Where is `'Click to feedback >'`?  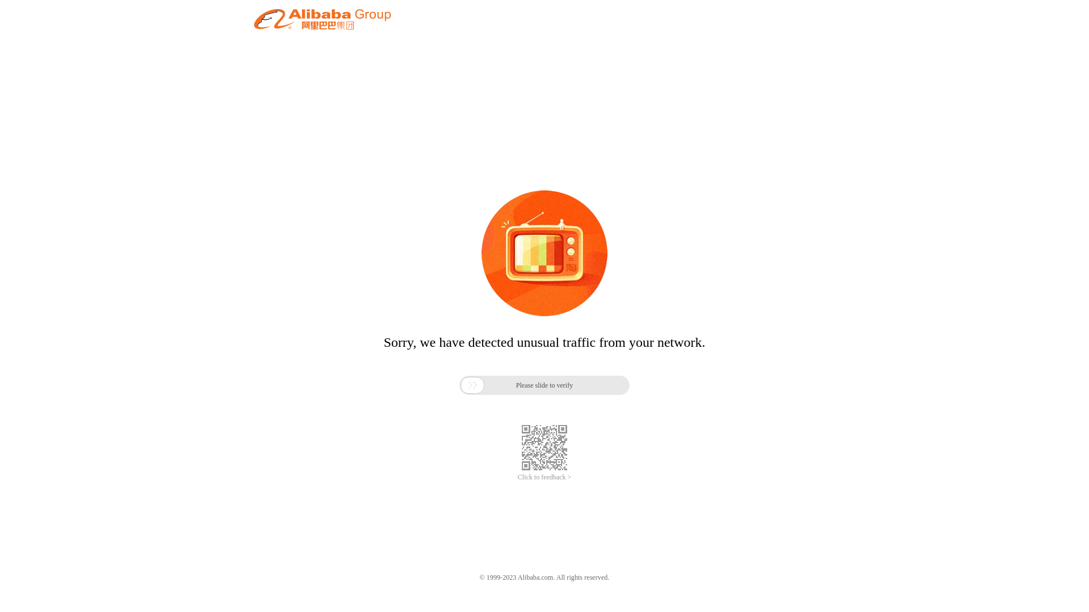
'Click to feedback >' is located at coordinates (544, 477).